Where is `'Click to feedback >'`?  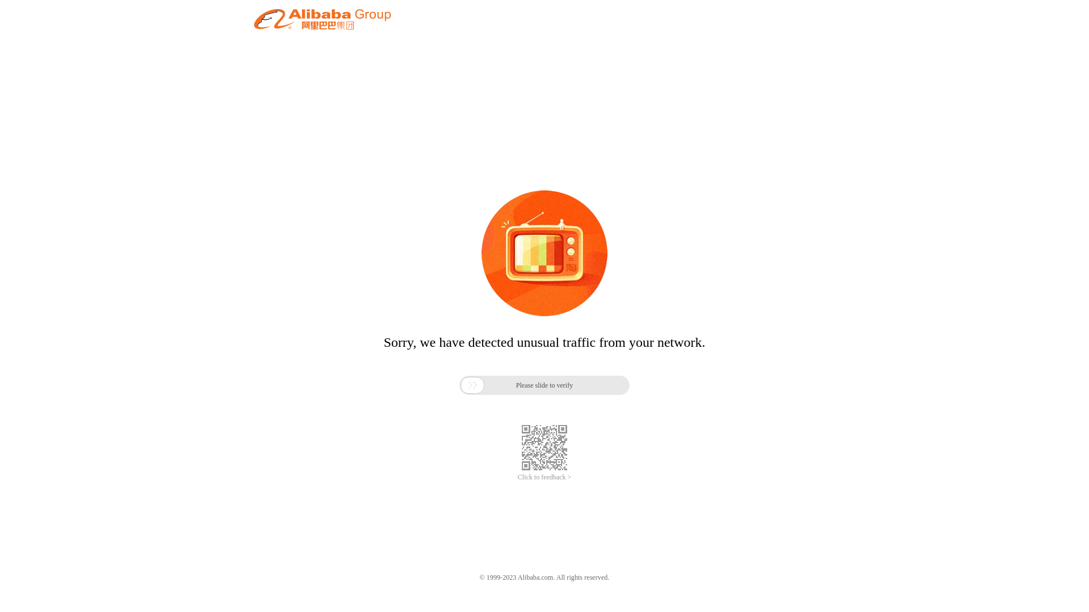
'Click to feedback >' is located at coordinates (544, 477).